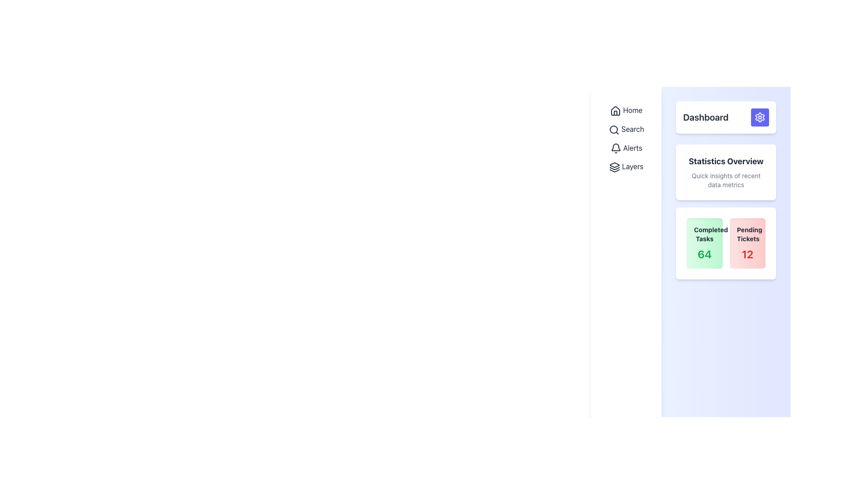  What do you see at coordinates (705, 117) in the screenshot?
I see `the 'Dashboard' text label which is displayed in bold within a white card-like structure in the upper area of the interface` at bounding box center [705, 117].